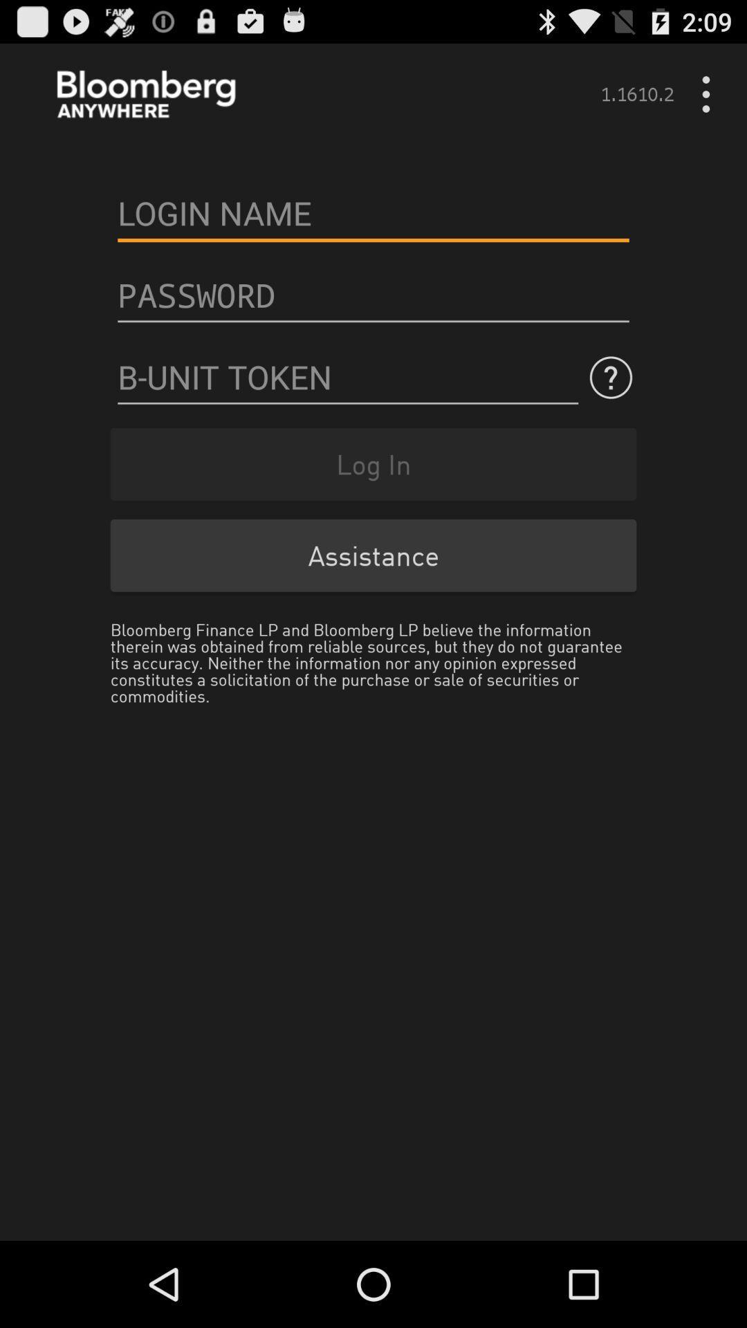  I want to click on the icon next to 1.1610.2 item, so click(710, 93).